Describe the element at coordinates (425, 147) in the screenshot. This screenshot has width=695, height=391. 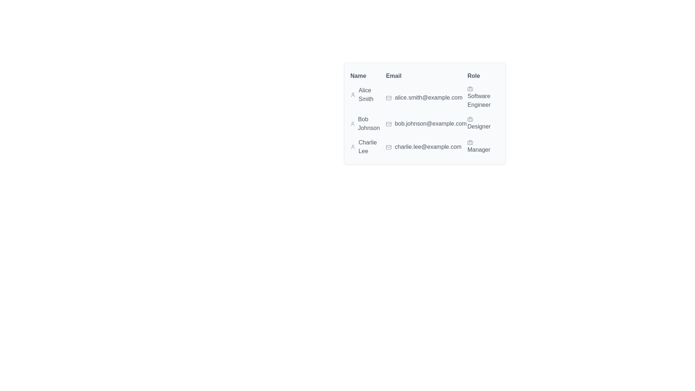
I see `the List item at the bottom row of the user details table` at that location.